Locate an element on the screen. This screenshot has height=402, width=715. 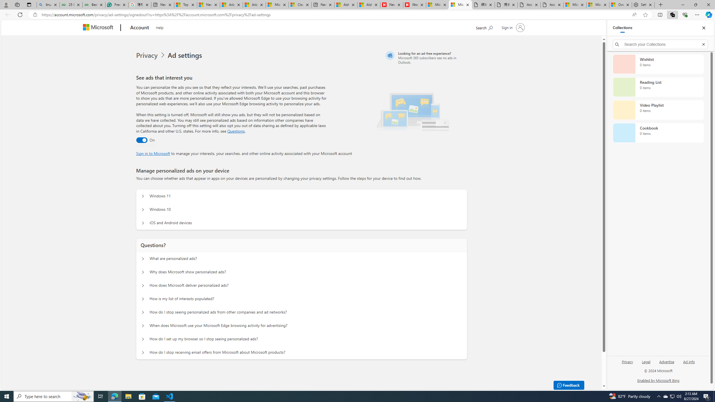
'Illustration of multiple devices' is located at coordinates (413, 110).